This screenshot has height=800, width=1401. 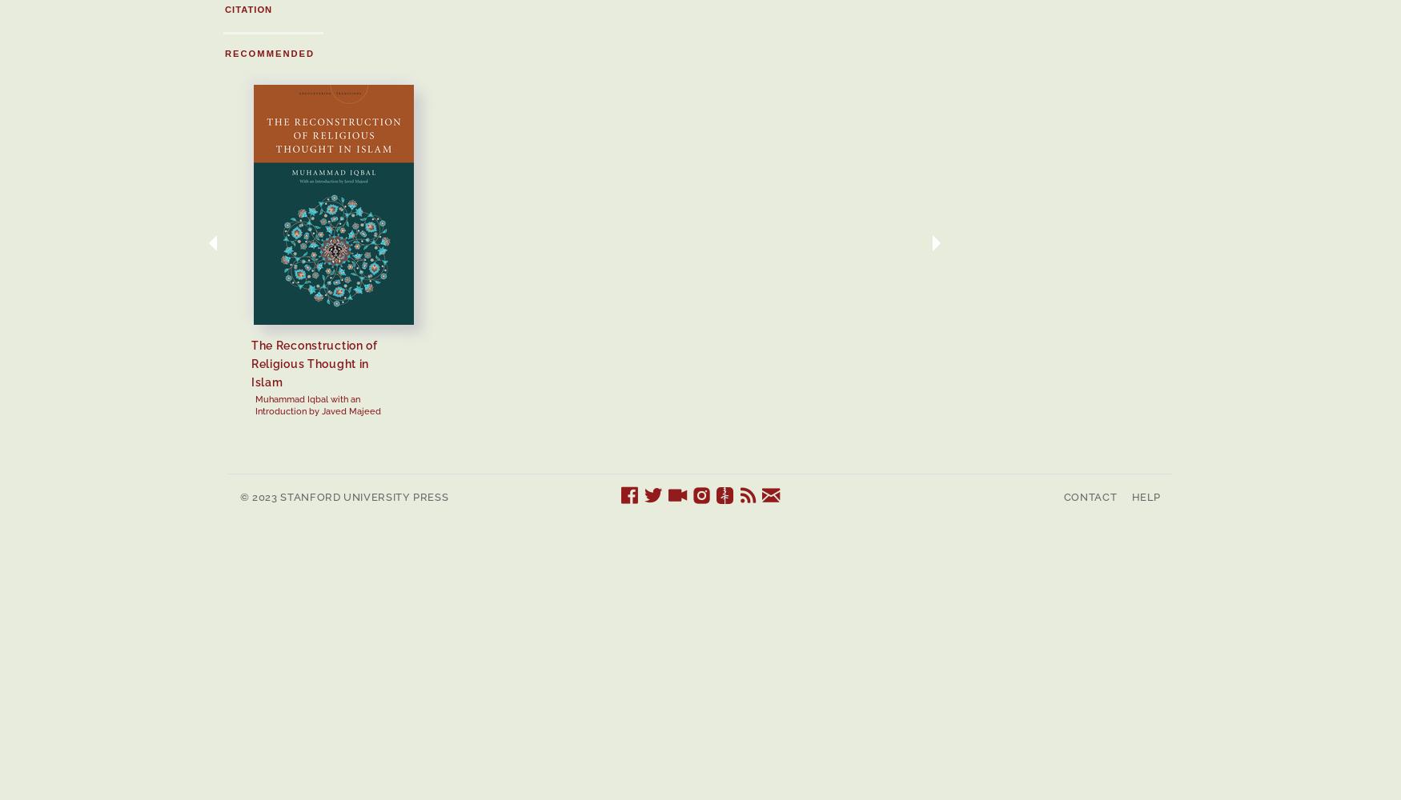 I want to click on 'Samira Haj', so click(x=1026, y=380).